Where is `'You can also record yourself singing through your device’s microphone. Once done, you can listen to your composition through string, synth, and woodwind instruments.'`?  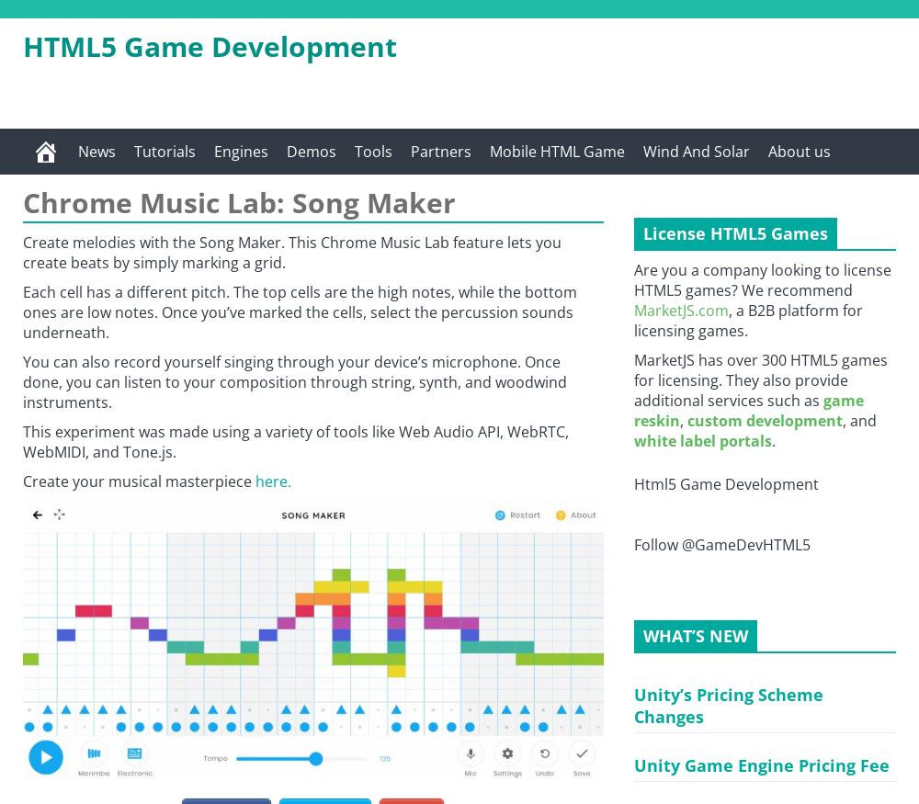
'You can also record yourself singing through your device’s microphone. Once done, you can listen to your composition through string, synth, and woodwind instruments.' is located at coordinates (294, 380).